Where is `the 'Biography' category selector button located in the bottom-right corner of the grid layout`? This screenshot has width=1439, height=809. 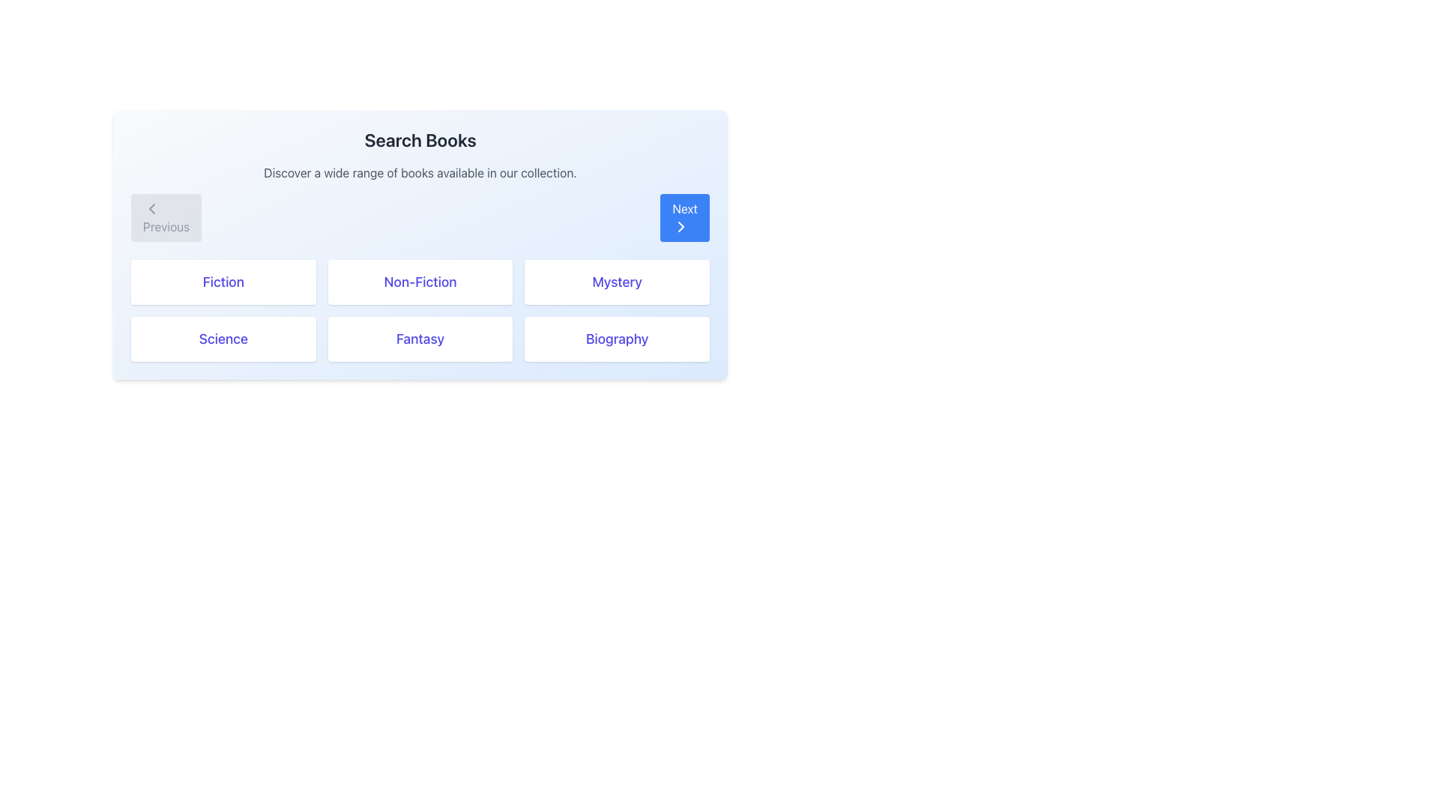
the 'Biography' category selector button located in the bottom-right corner of the grid layout is located at coordinates (617, 339).